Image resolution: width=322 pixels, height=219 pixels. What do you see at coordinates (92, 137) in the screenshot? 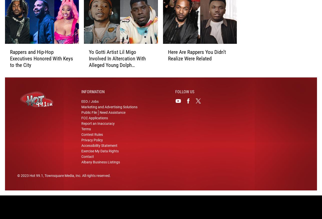
I see `'Contest Rules'` at bounding box center [92, 137].